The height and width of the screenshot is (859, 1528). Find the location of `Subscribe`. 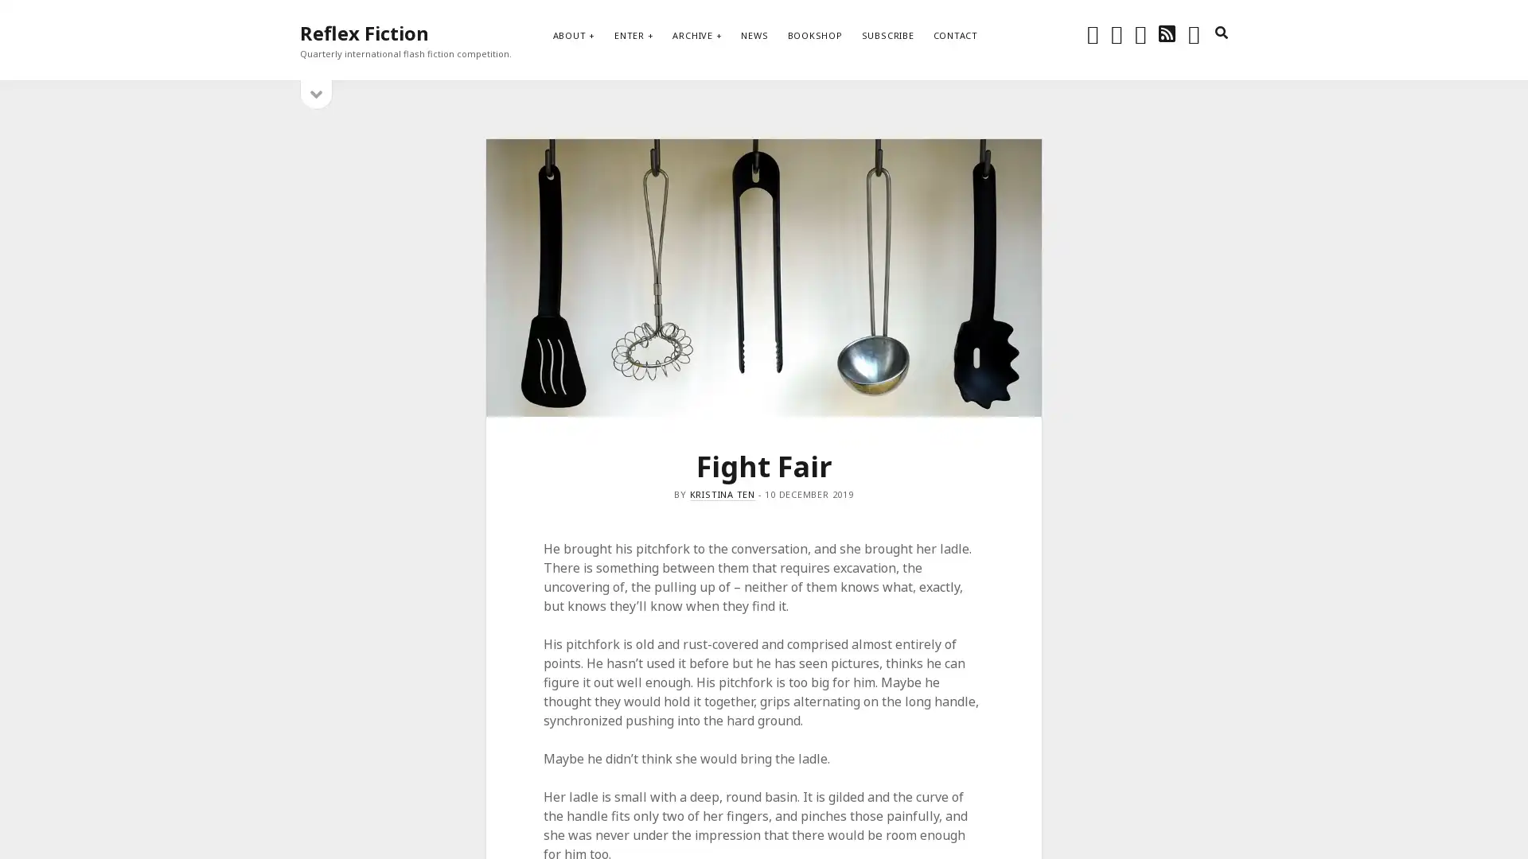

Subscribe is located at coordinates (961, 184).